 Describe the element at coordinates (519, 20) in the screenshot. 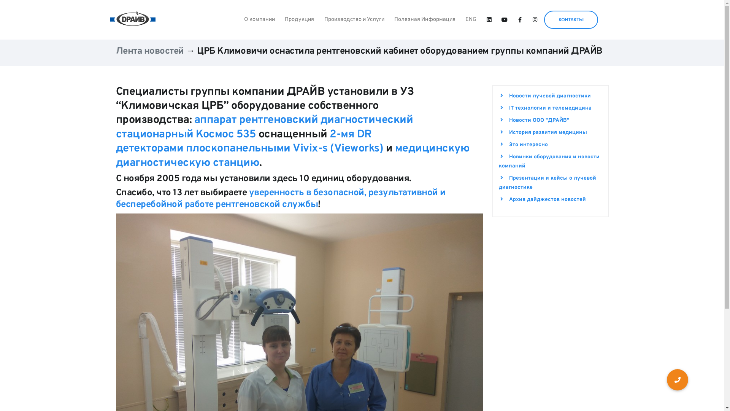

I see `'Facebook'` at that location.